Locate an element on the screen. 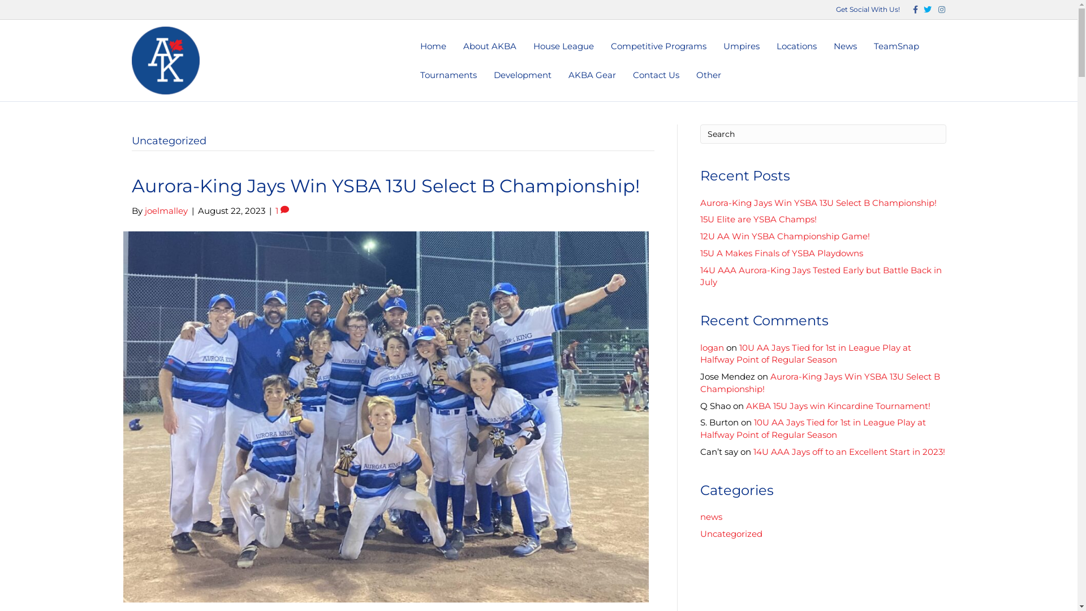  'Development' is located at coordinates (485, 75).